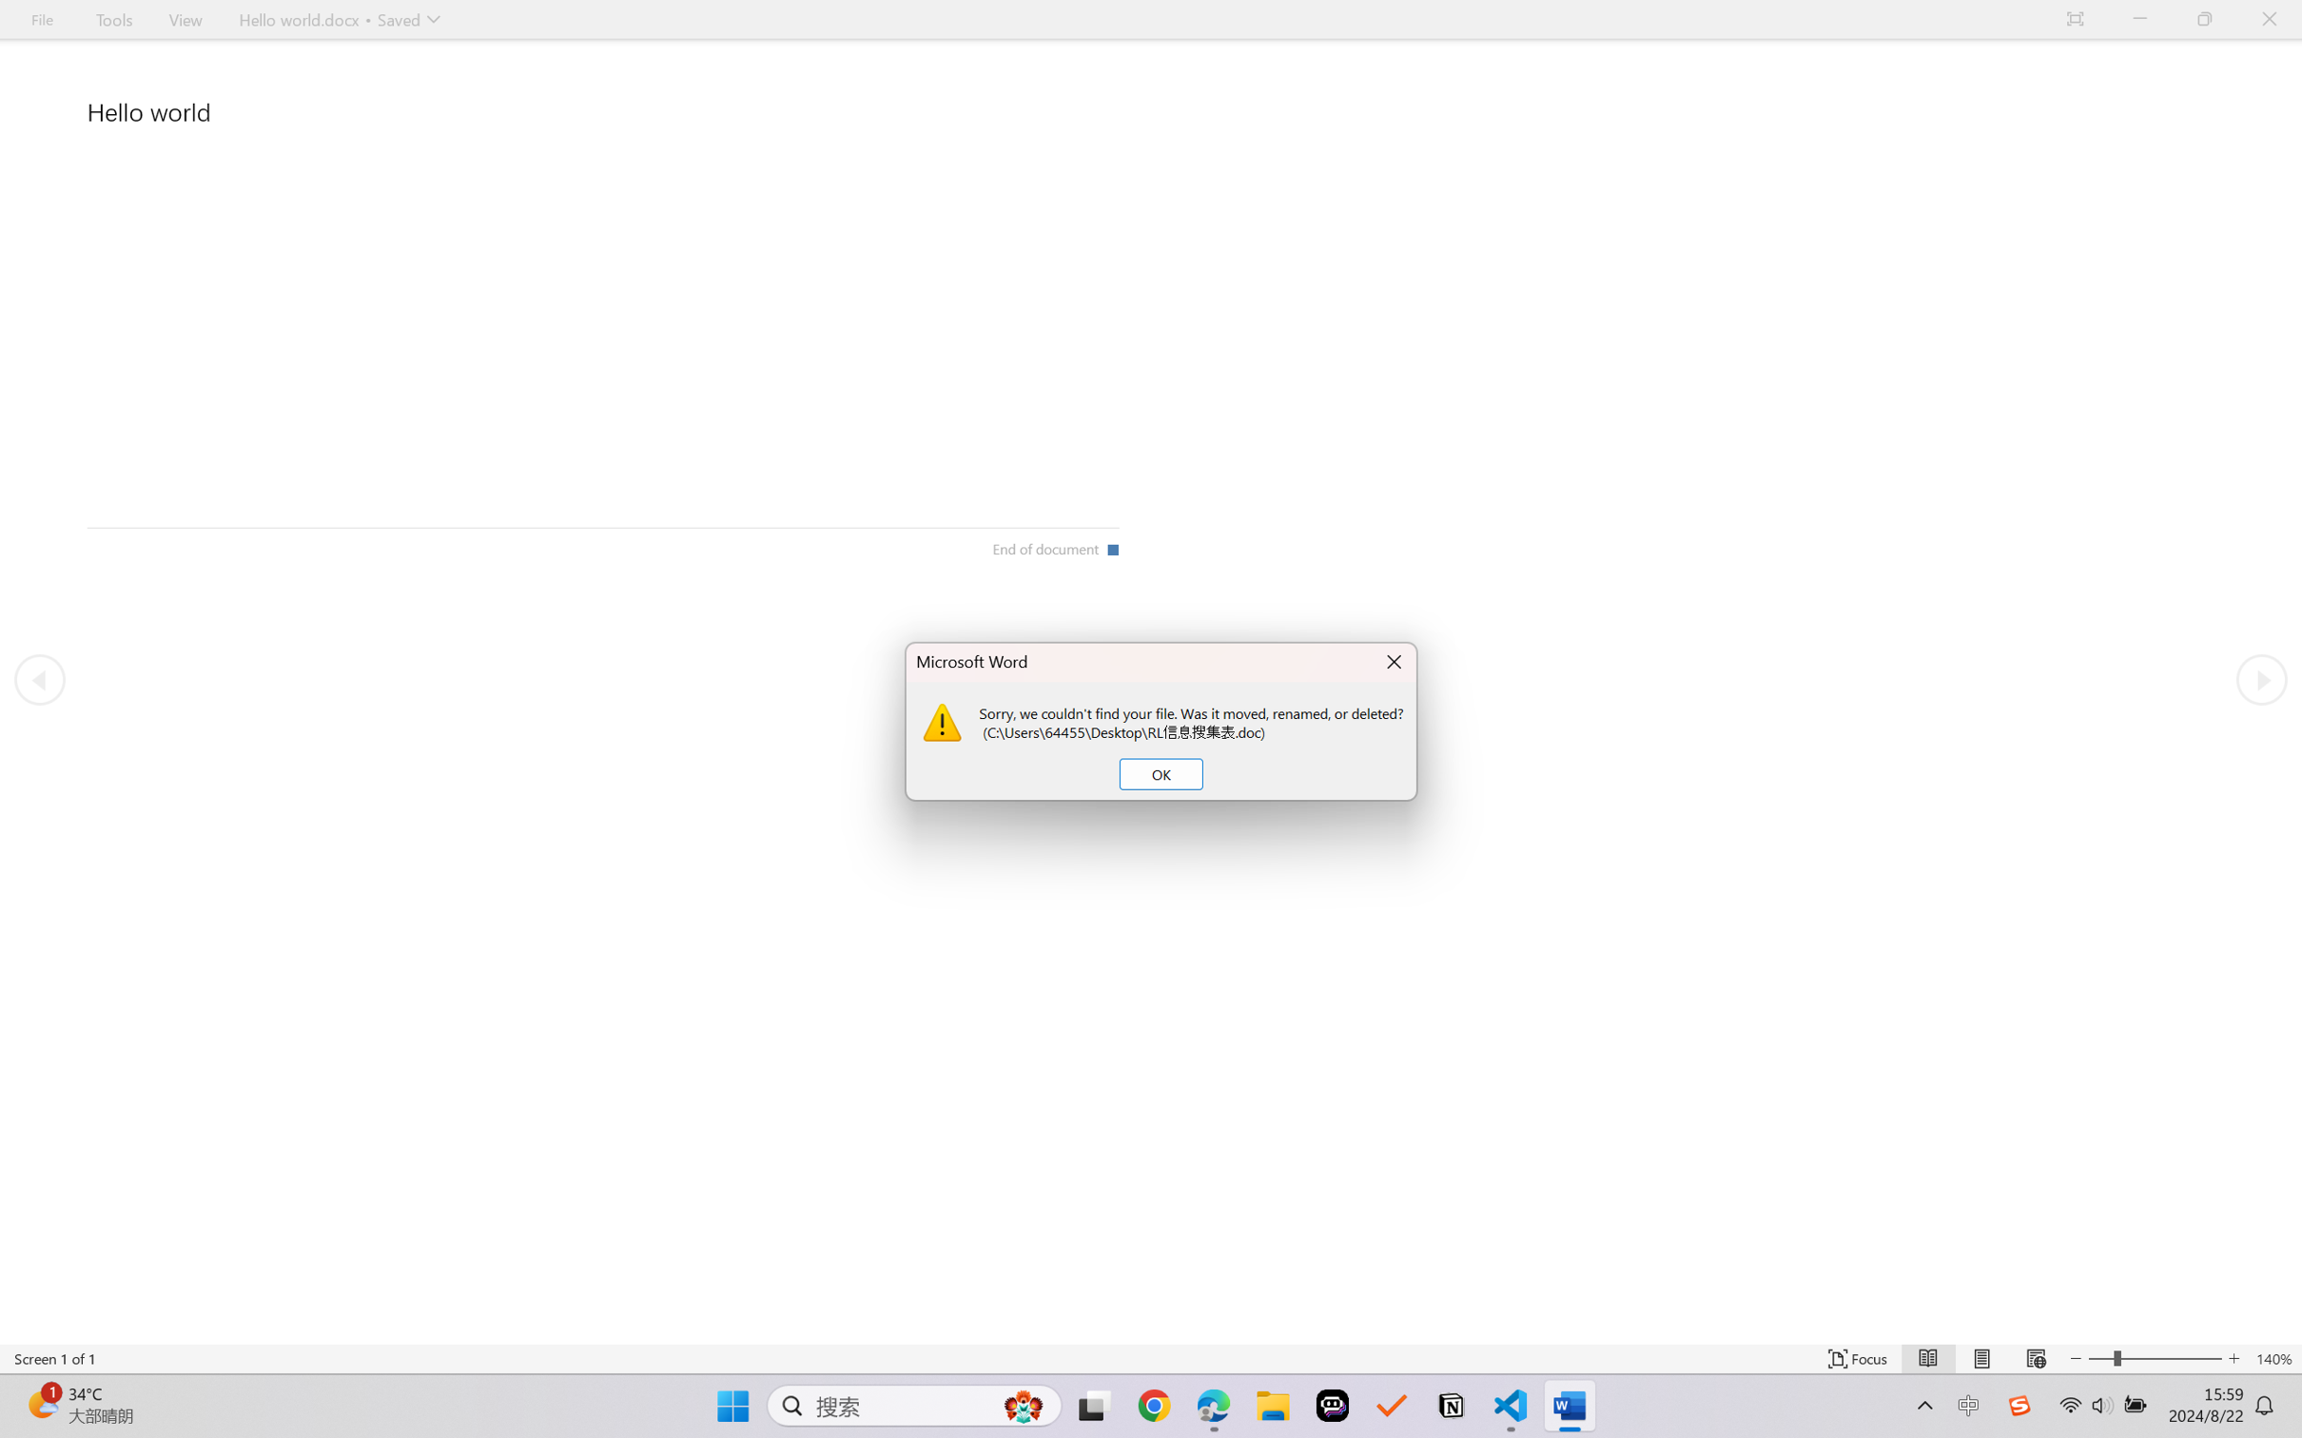 The image size is (2302, 1438). I want to click on 'Text Size', so click(2156, 1358).